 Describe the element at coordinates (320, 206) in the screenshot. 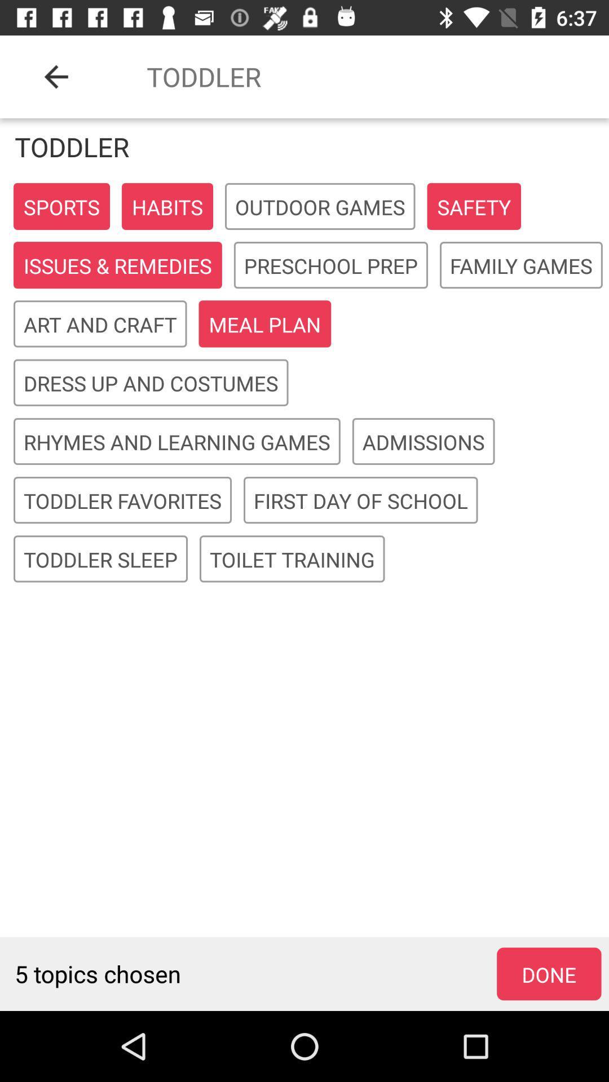

I see `tap on the box that reads outdoor games` at that location.